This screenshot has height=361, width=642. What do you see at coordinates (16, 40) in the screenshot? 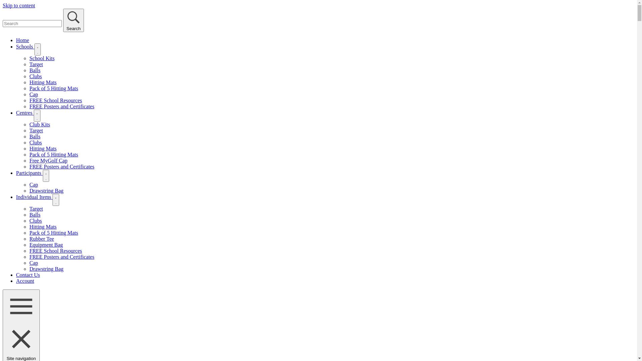
I see `'Home'` at bounding box center [16, 40].